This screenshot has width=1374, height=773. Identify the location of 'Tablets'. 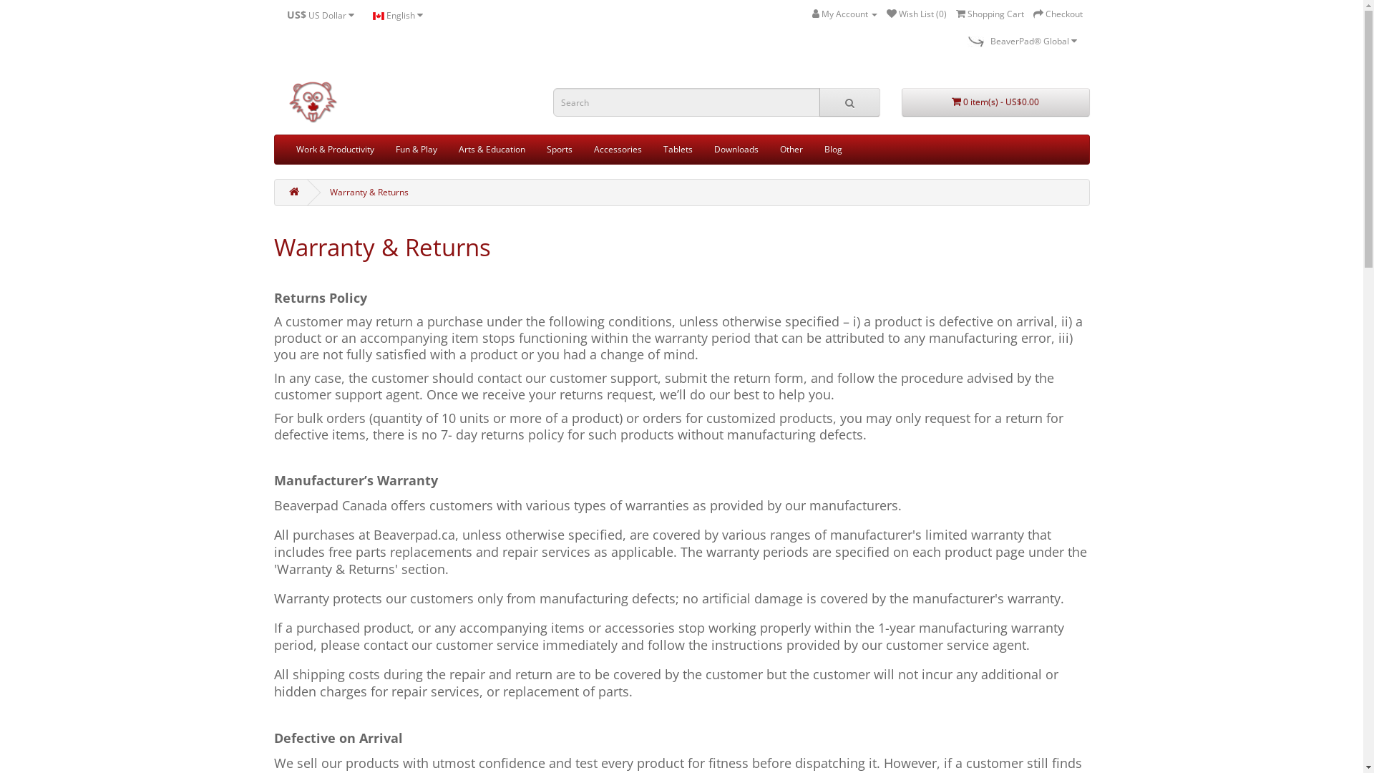
(677, 149).